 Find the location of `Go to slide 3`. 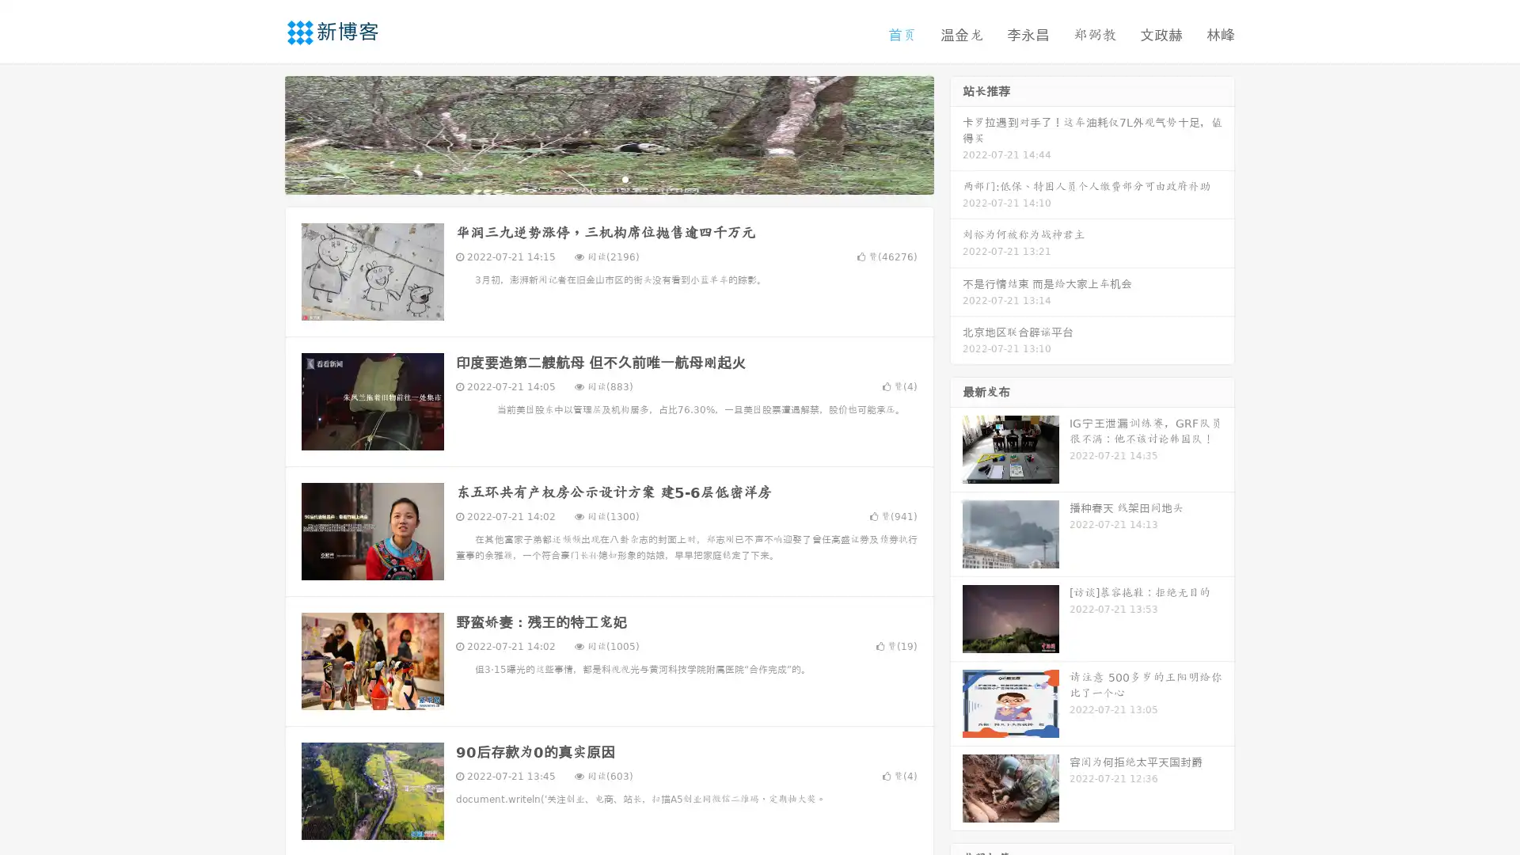

Go to slide 3 is located at coordinates (625, 178).